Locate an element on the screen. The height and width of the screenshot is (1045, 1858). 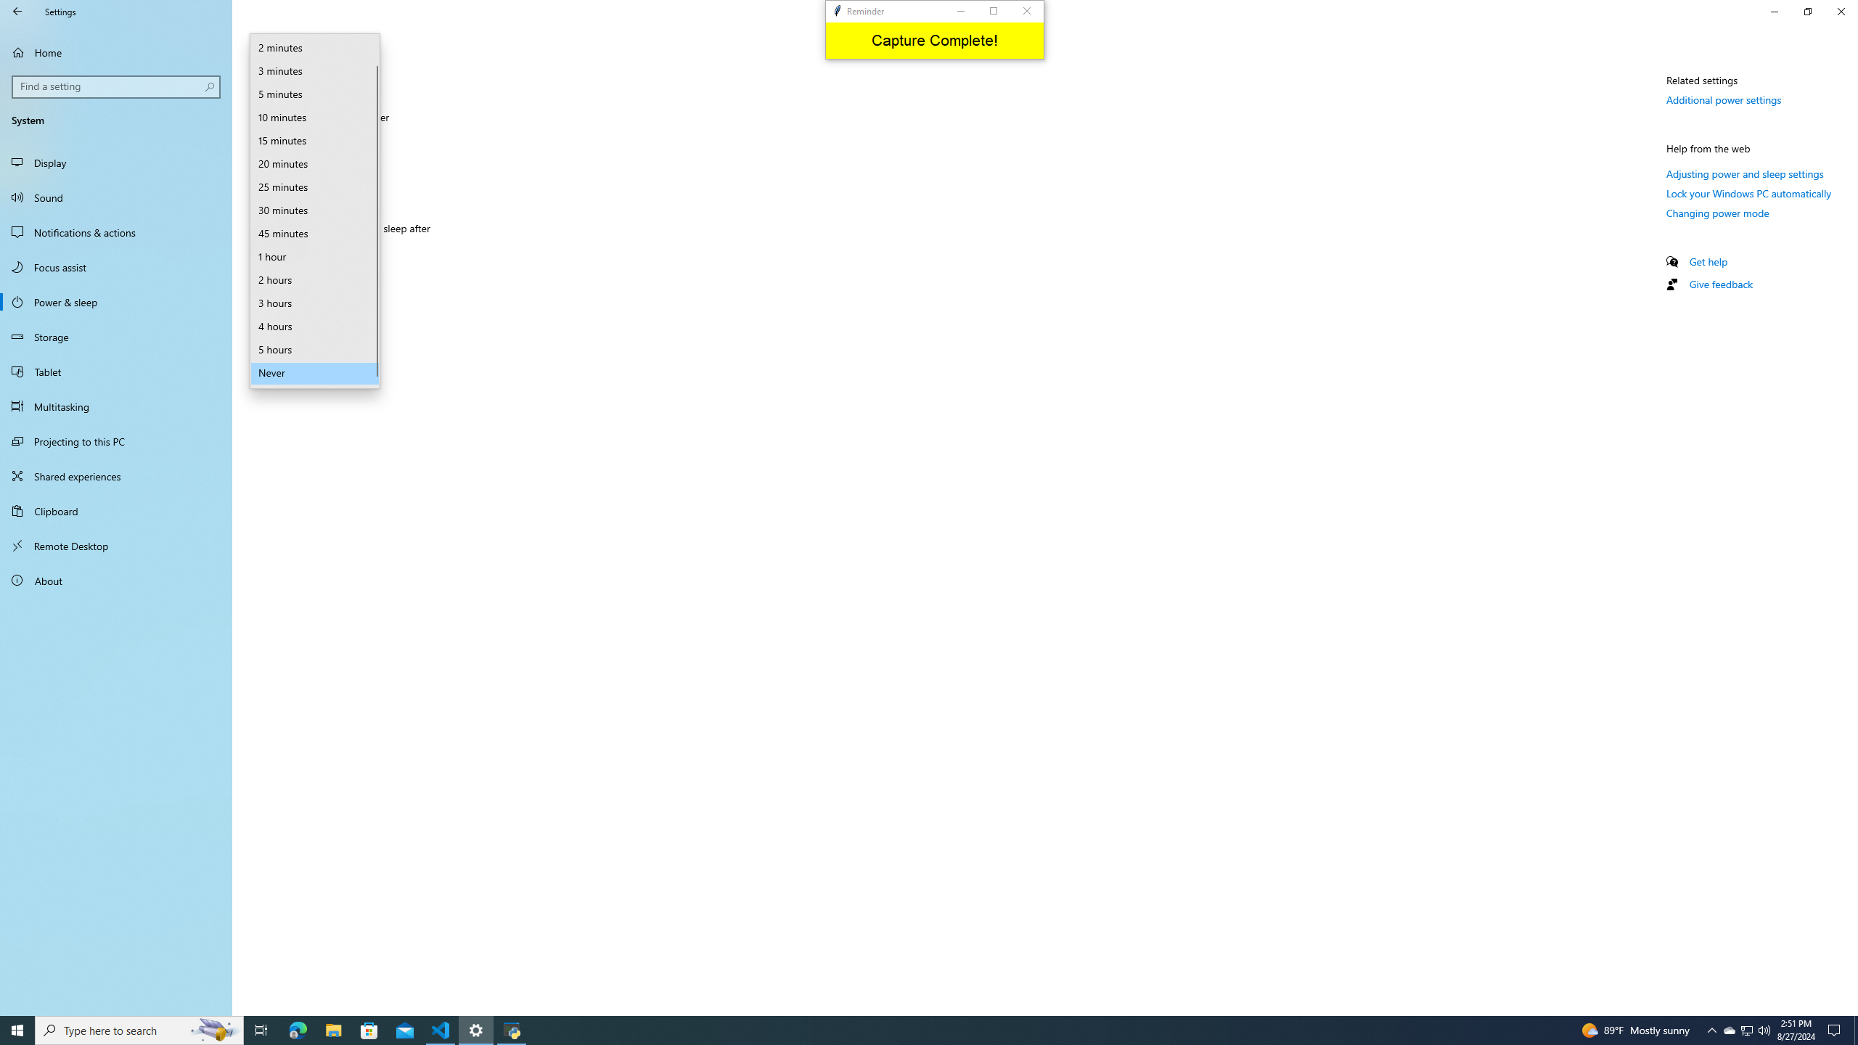
'Focus assist' is located at coordinates (115, 266).